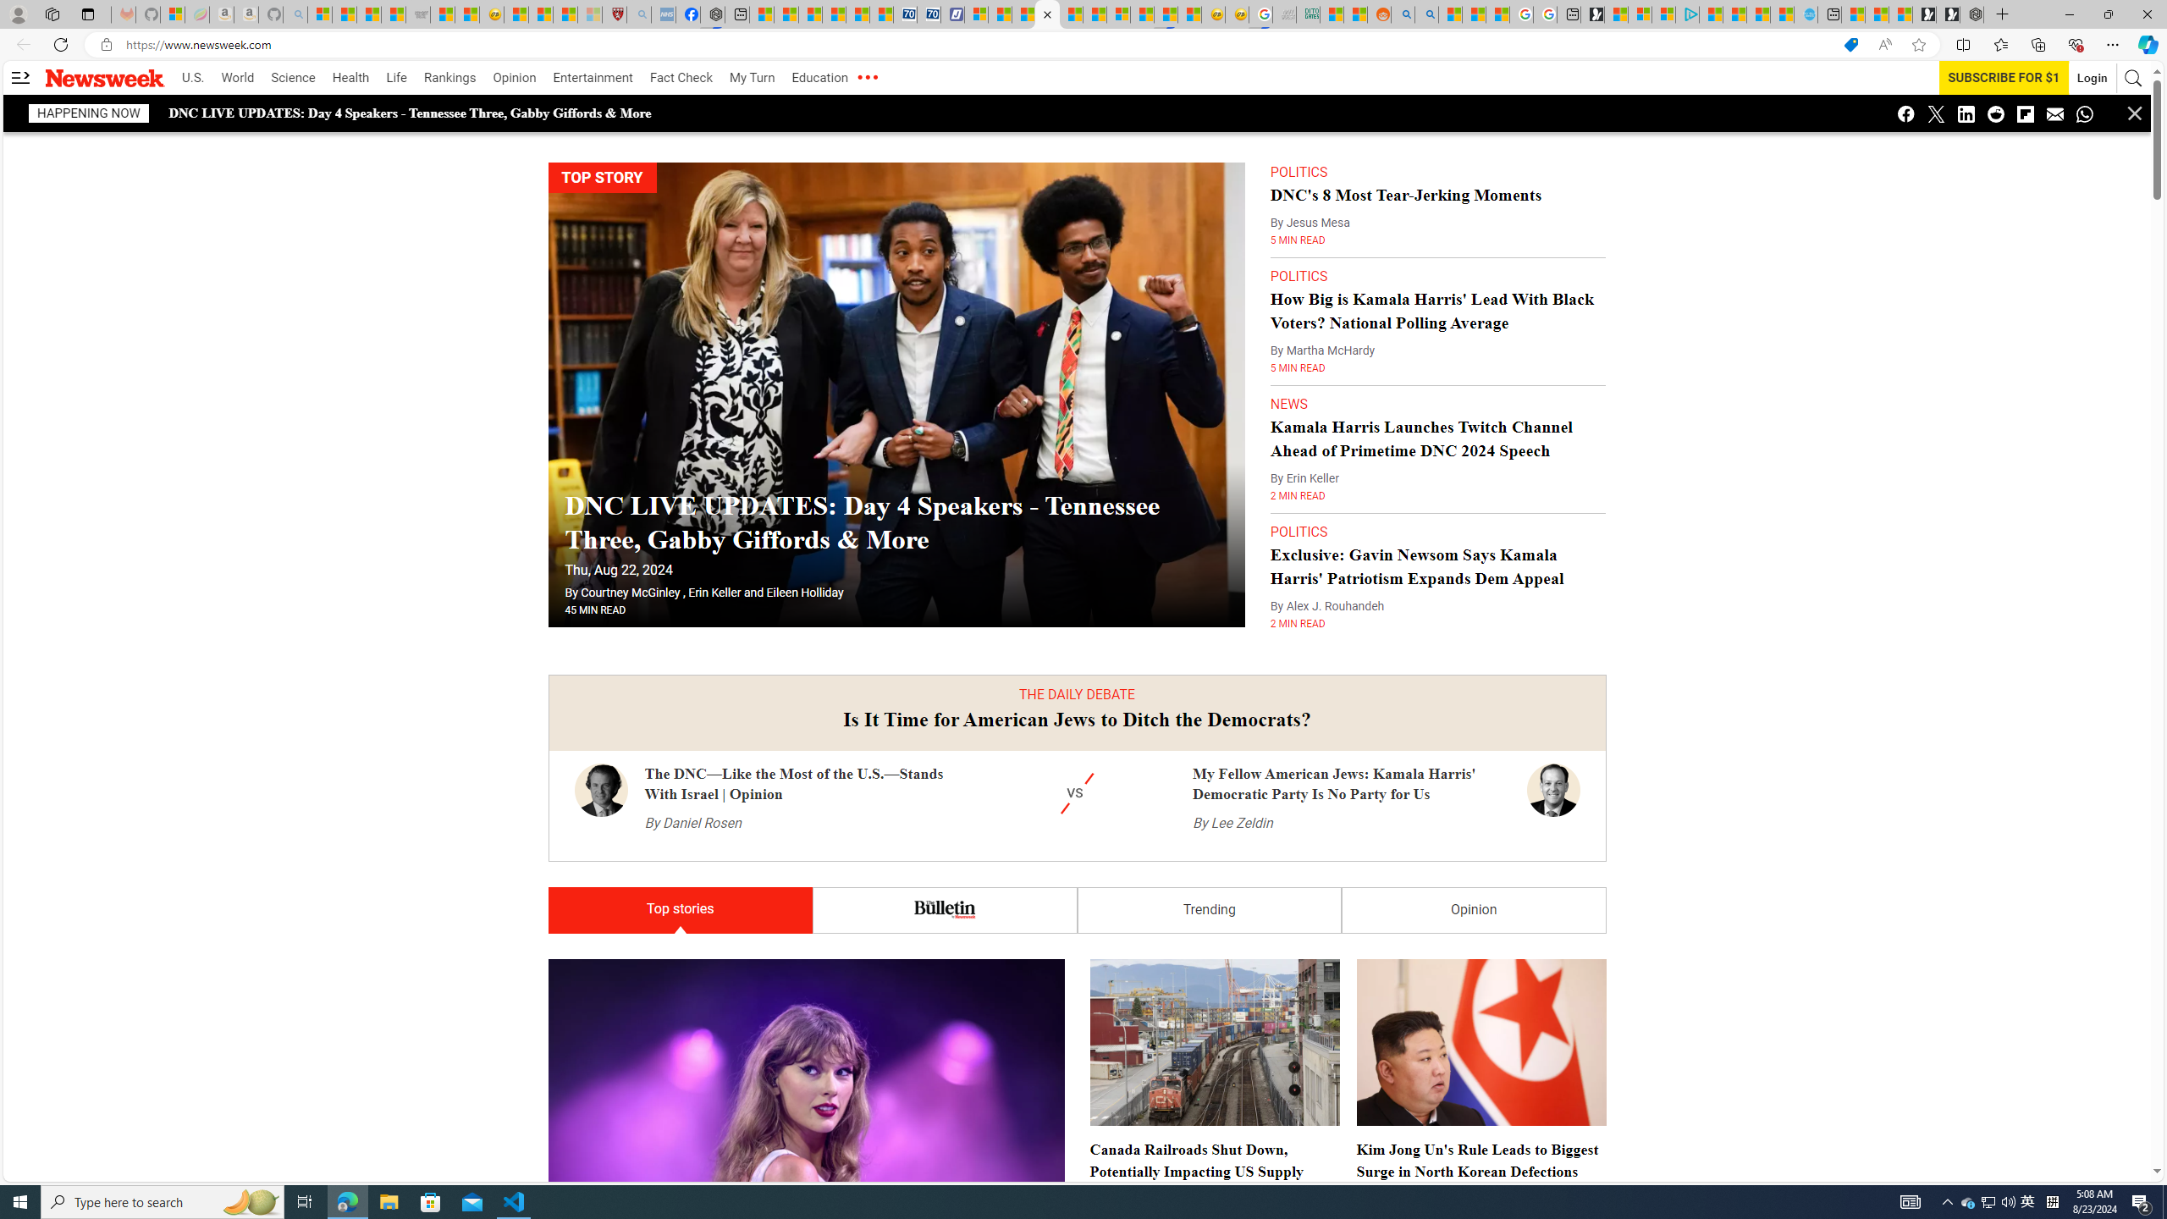  I want to click on 'Rankings', so click(449, 77).